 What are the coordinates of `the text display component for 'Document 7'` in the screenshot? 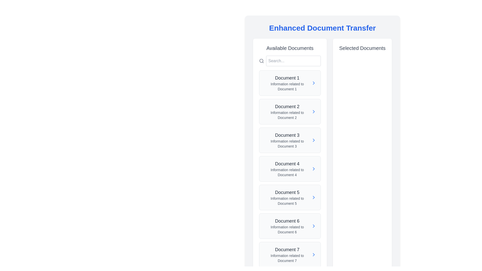 It's located at (287, 254).